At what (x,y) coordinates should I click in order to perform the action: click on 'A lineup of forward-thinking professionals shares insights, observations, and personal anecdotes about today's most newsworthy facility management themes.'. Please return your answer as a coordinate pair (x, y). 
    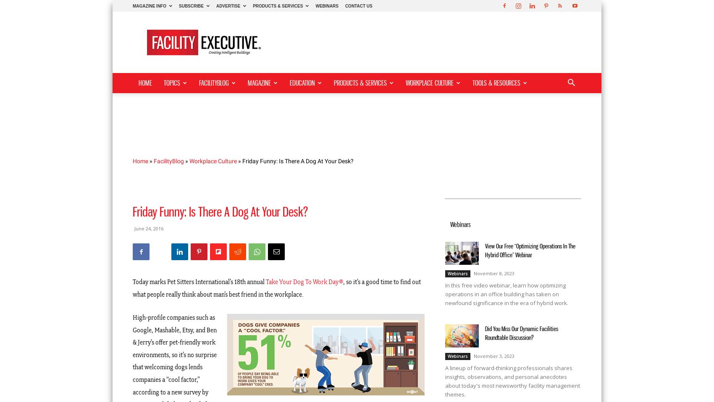
    Looking at the image, I should click on (512, 381).